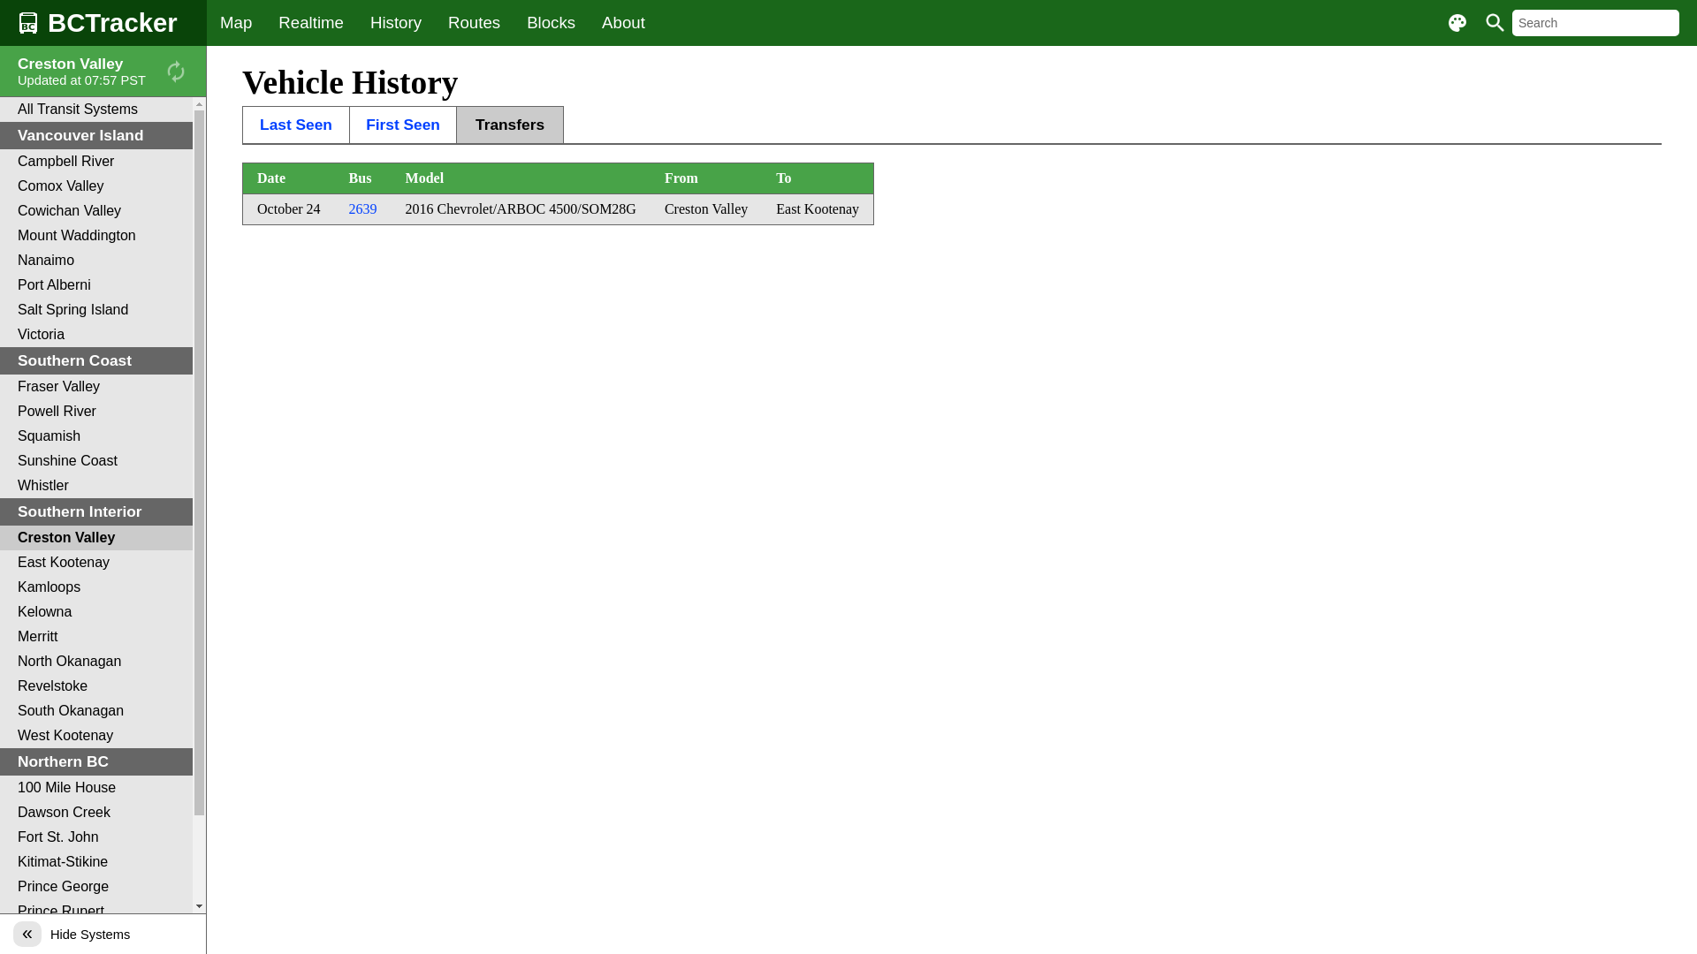  Describe the element at coordinates (0, 435) in the screenshot. I see `'Squamish'` at that location.